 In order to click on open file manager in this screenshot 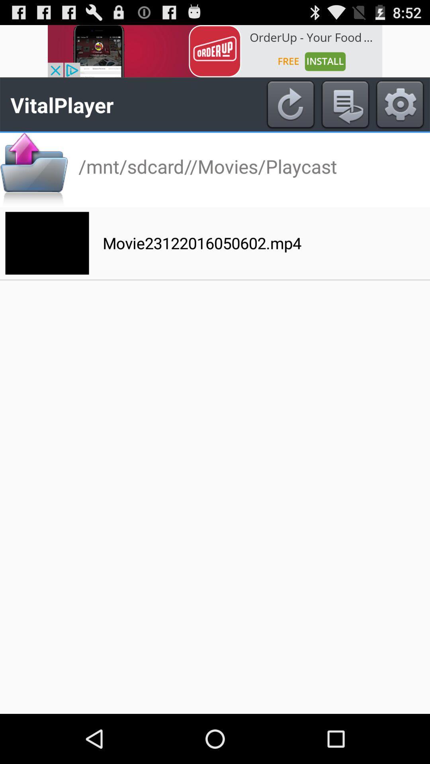, I will do `click(33, 170)`.